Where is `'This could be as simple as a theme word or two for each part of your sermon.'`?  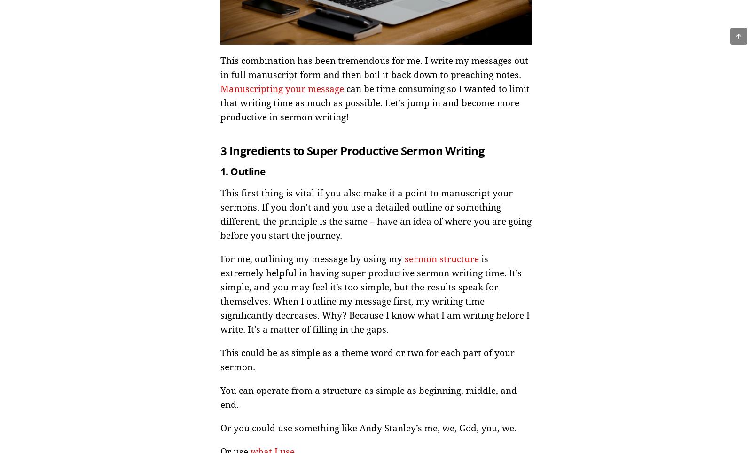
'This could be as simple as a theme word or two for each part of your sermon.' is located at coordinates (368, 360).